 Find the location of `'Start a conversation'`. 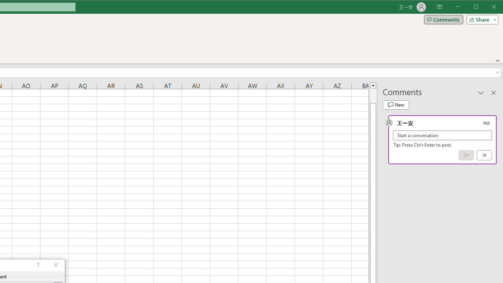

'Start a conversation' is located at coordinates (442, 135).